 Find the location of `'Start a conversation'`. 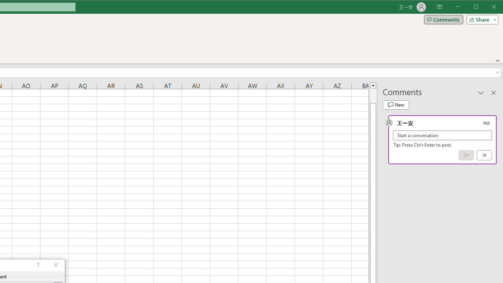

'Start a conversation' is located at coordinates (442, 135).